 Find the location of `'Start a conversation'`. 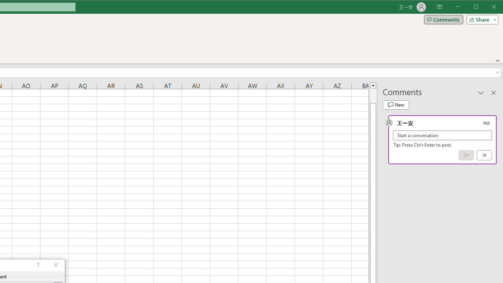

'Start a conversation' is located at coordinates (442, 135).